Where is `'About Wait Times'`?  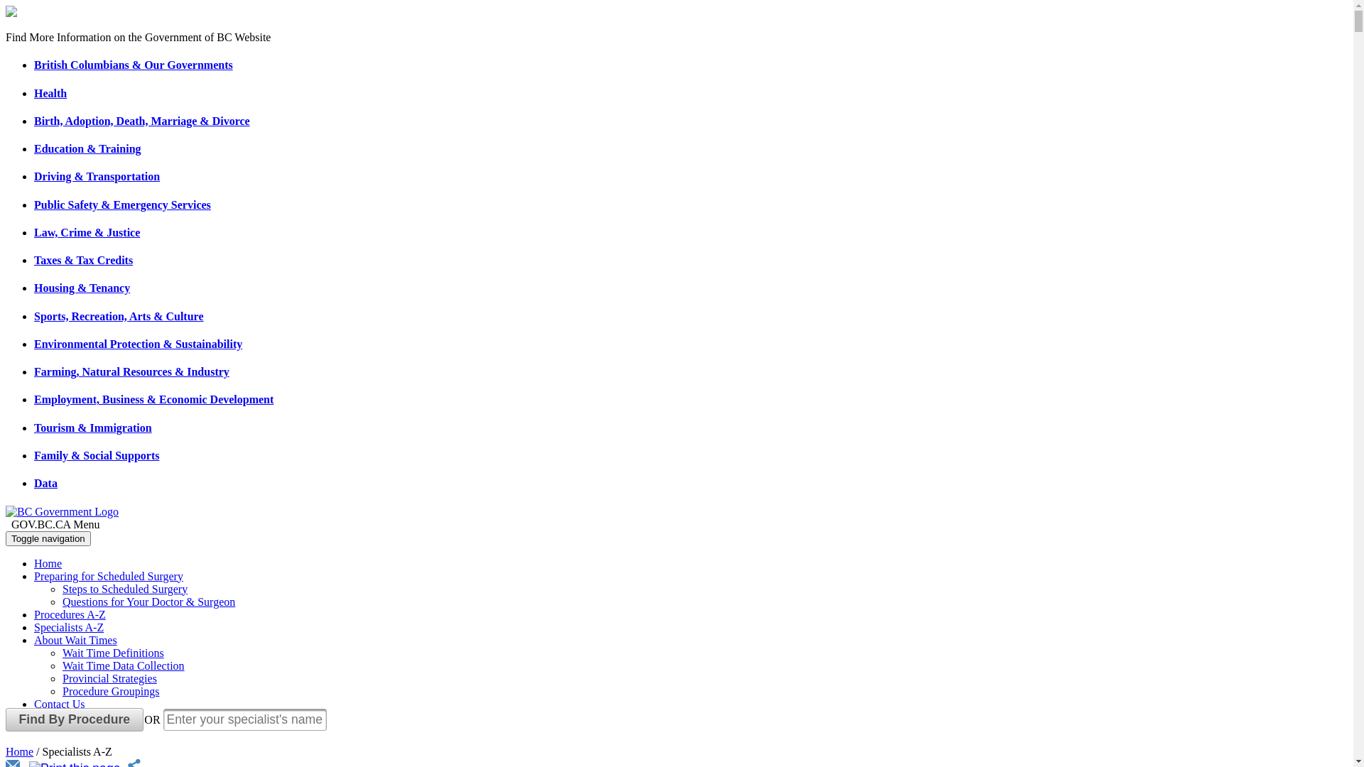
'About Wait Times' is located at coordinates (75, 640).